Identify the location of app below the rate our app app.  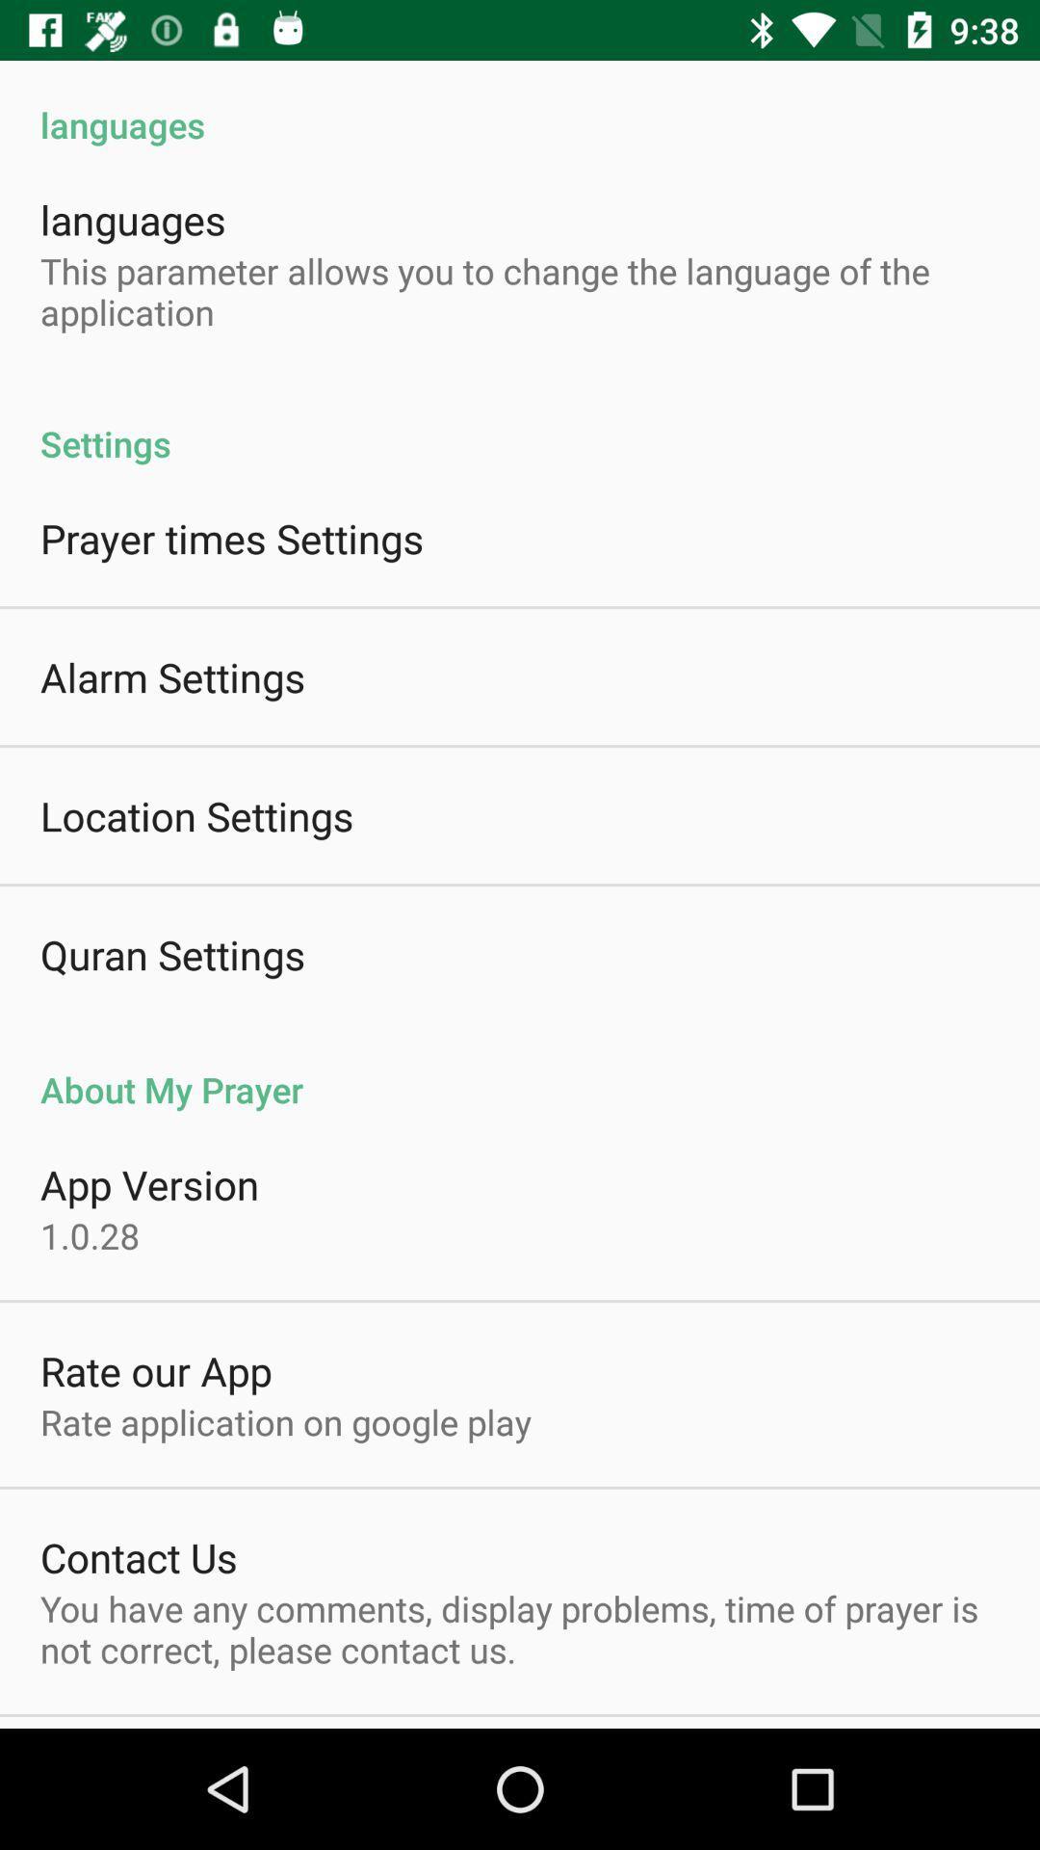
(286, 1422).